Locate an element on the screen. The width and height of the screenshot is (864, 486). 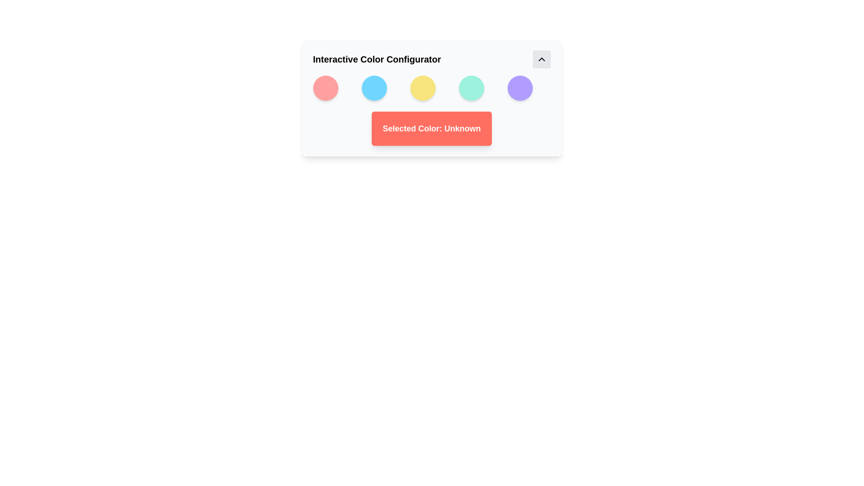
the display label showcasing the currently selected color in the color configurator that states 'Unknown.' is located at coordinates (431, 128).